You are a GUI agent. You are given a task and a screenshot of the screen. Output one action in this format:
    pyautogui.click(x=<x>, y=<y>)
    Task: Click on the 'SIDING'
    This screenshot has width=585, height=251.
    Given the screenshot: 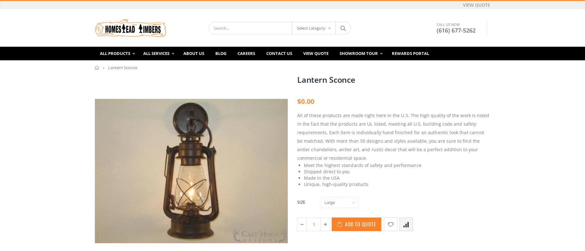 What is the action you would take?
    pyautogui.click(x=109, y=70)
    